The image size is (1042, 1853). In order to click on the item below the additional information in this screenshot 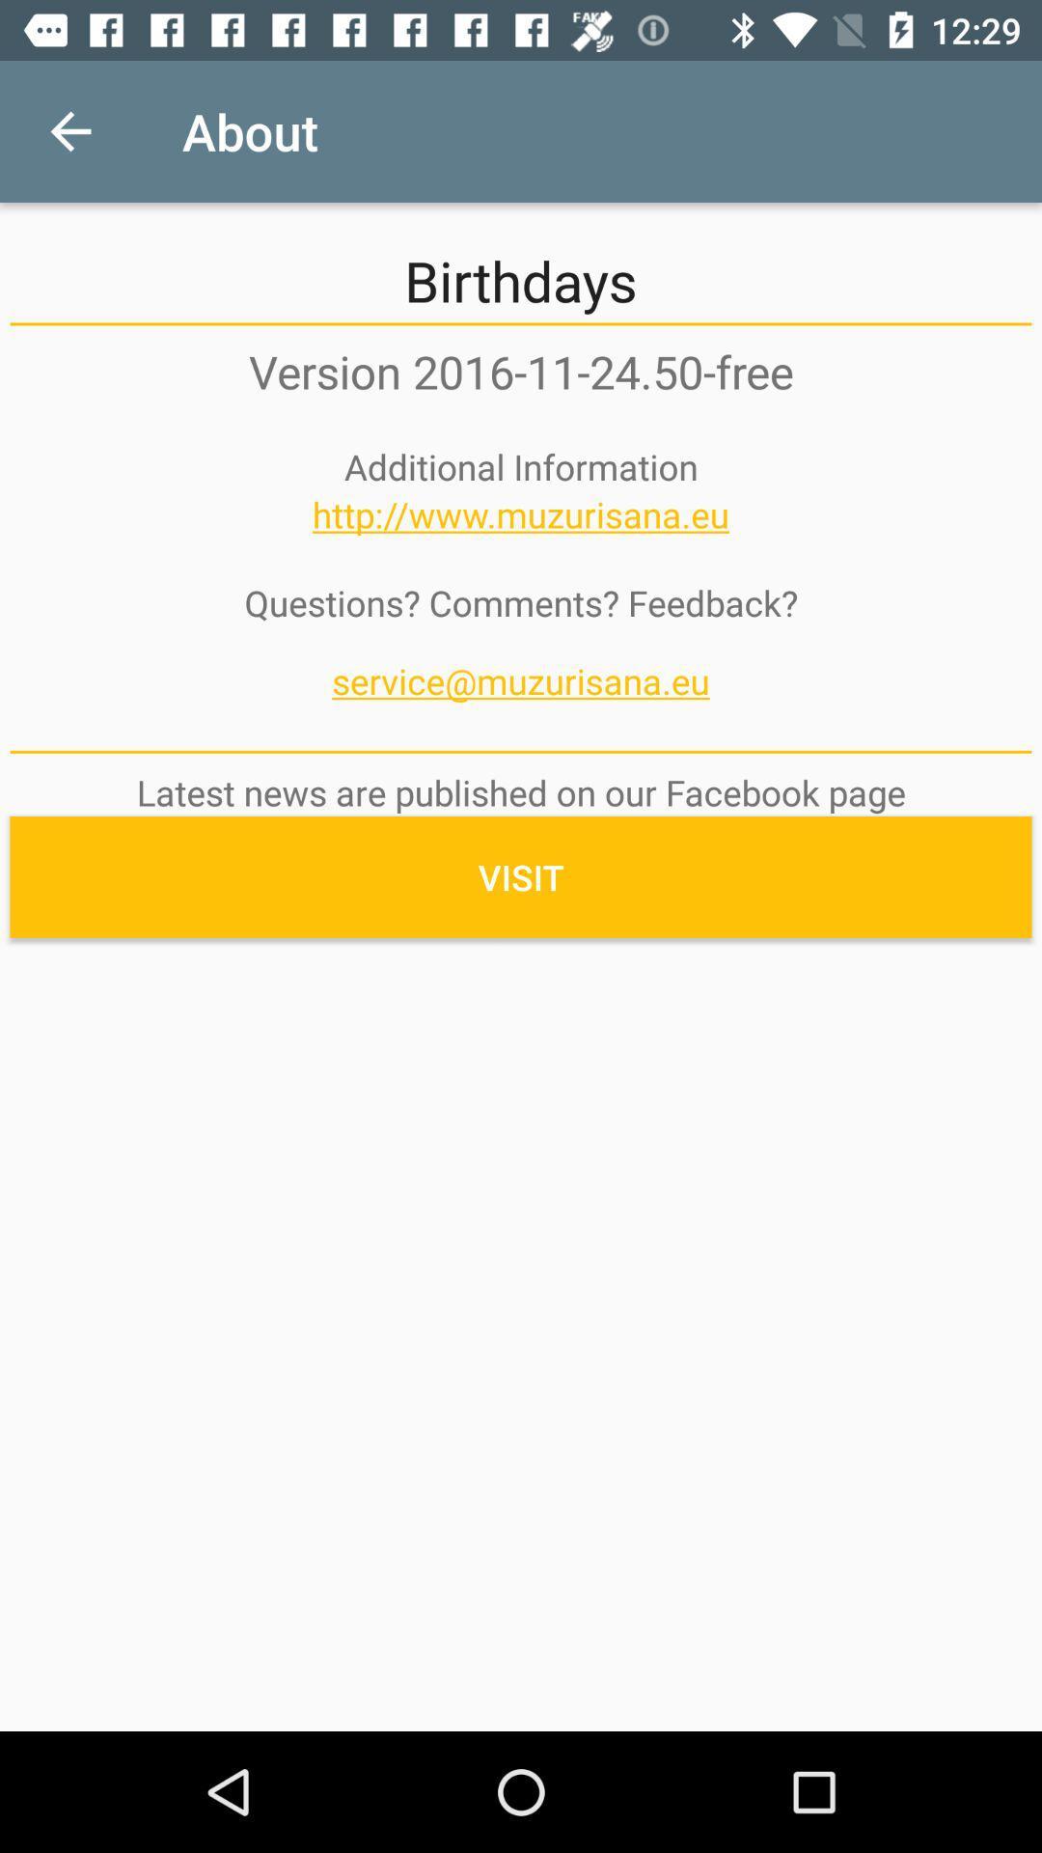, I will do `click(521, 514)`.